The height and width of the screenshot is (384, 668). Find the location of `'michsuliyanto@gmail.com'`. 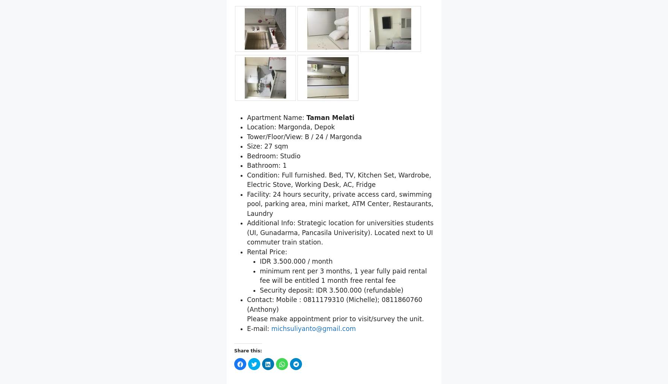

'michsuliyanto@gmail.com' is located at coordinates (313, 367).